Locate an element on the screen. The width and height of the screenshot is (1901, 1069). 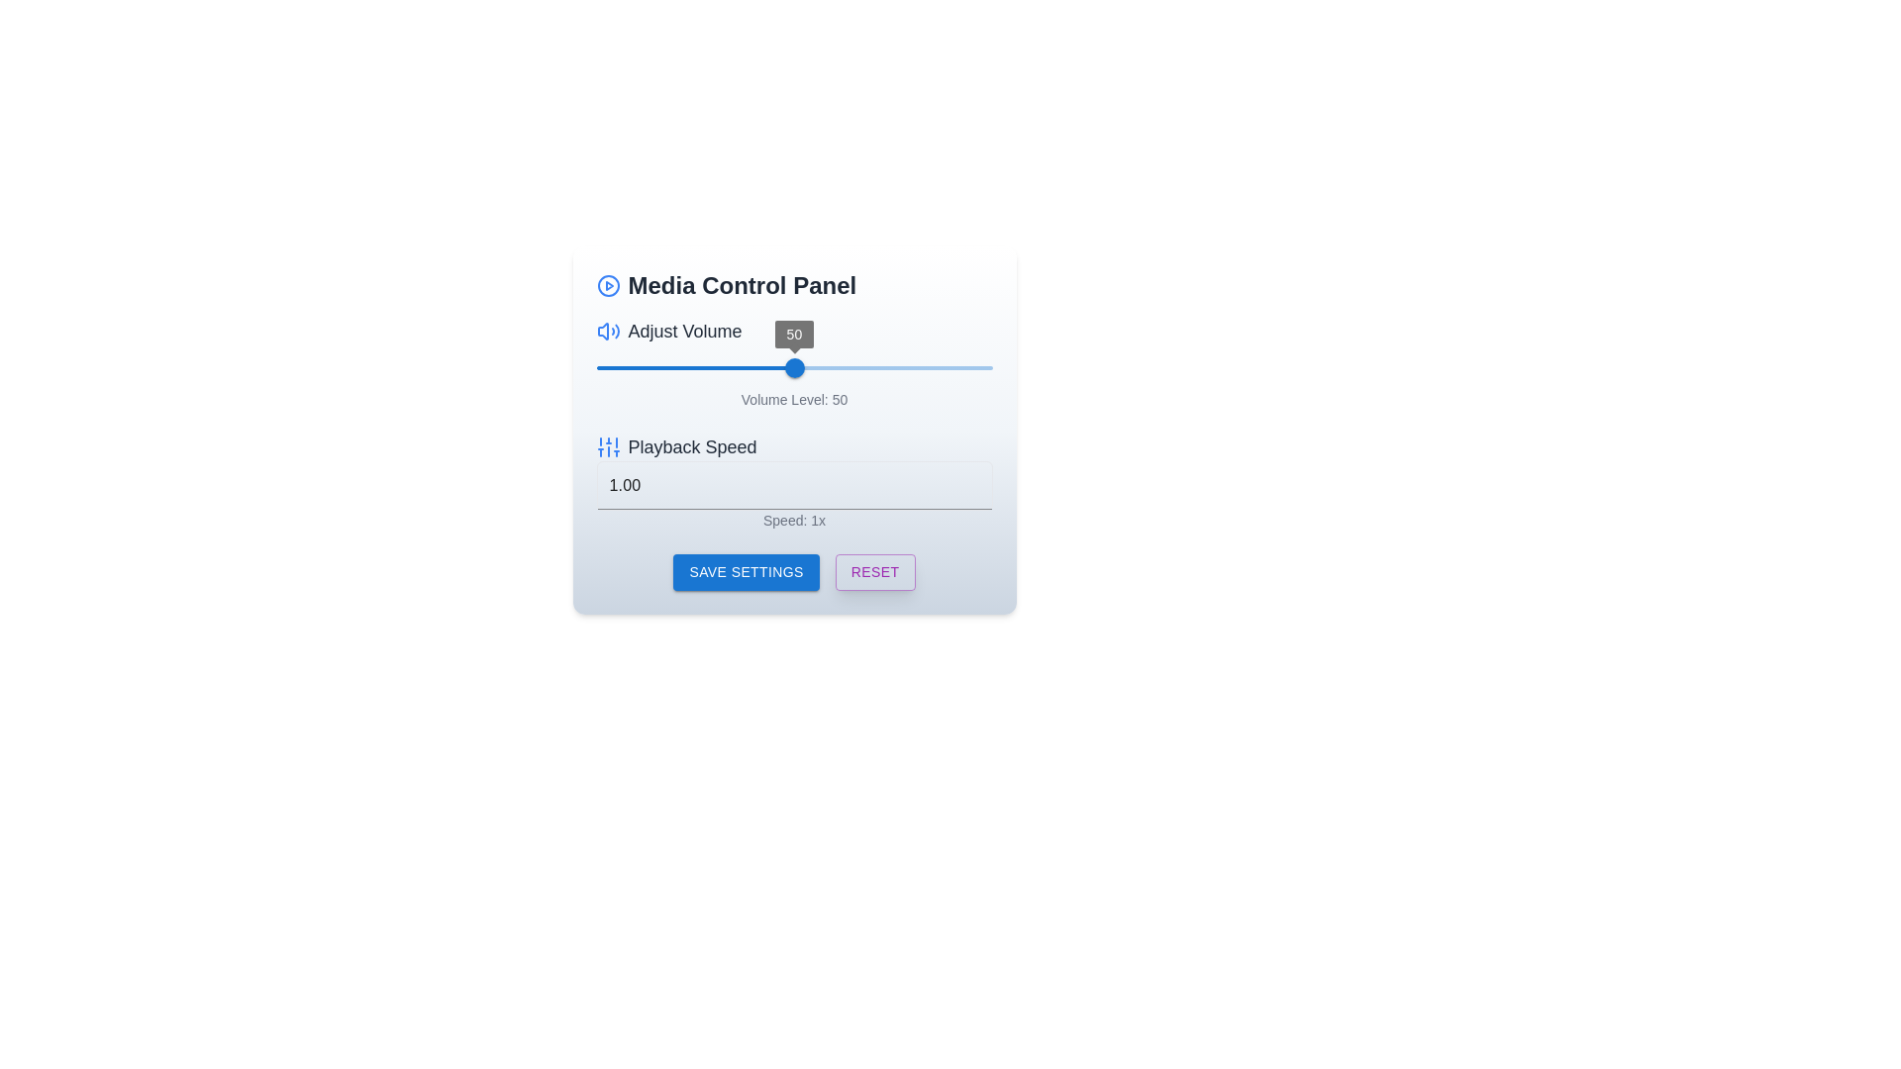
the Label displaying the number '50' which is part of the volume adjustment interface and is positioned directly above the slider thumb is located at coordinates (794, 333).